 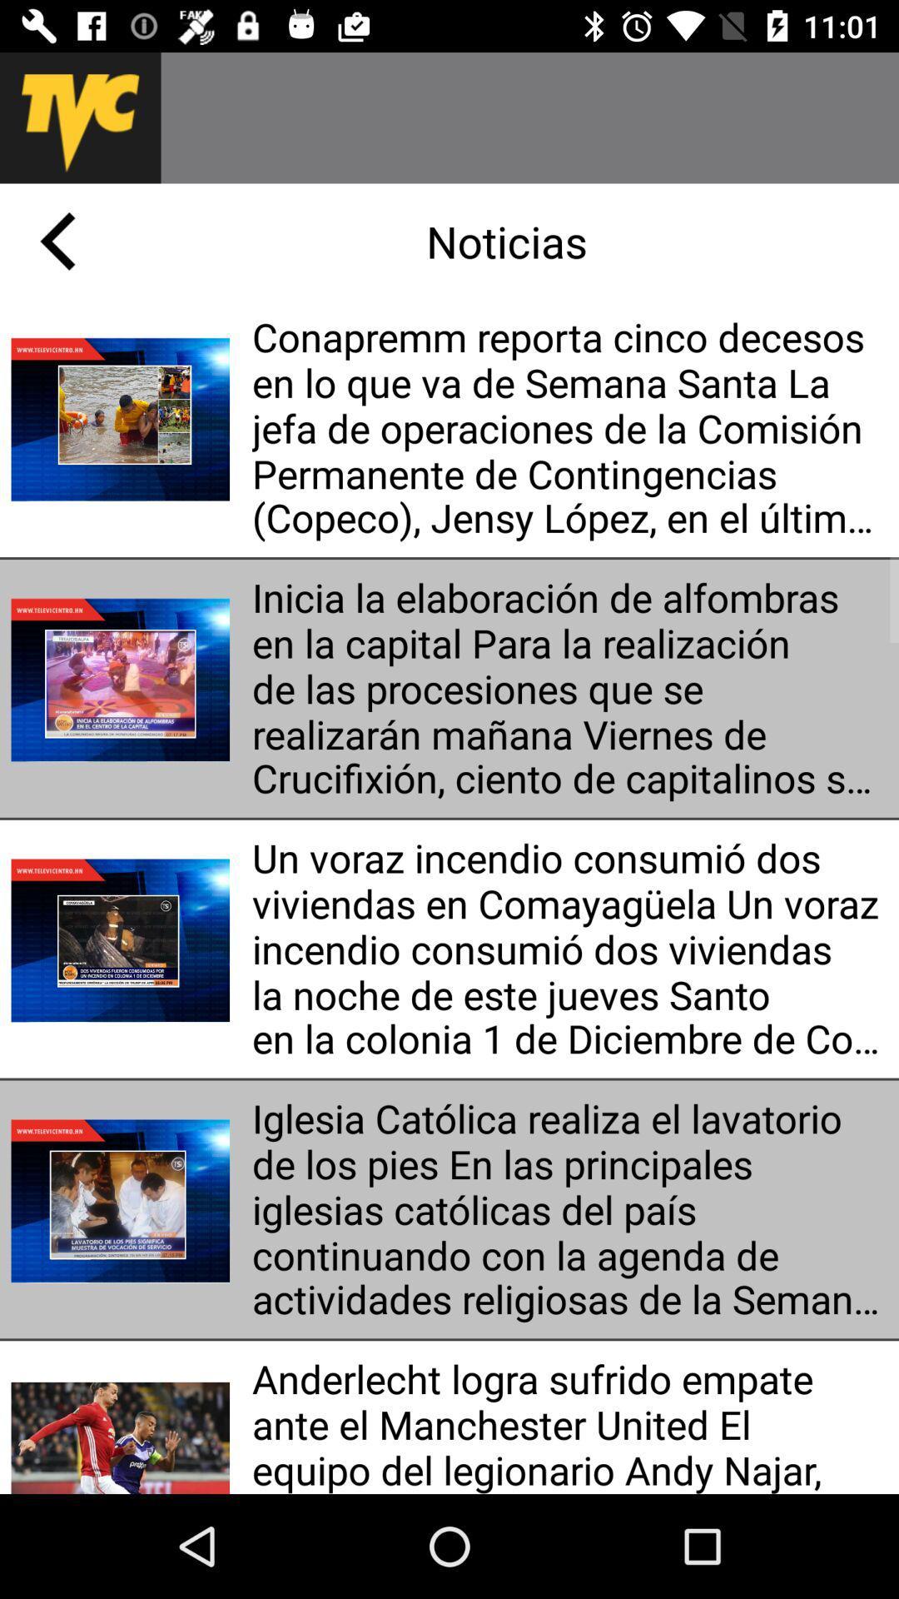 I want to click on the item below the noticias, so click(x=569, y=428).